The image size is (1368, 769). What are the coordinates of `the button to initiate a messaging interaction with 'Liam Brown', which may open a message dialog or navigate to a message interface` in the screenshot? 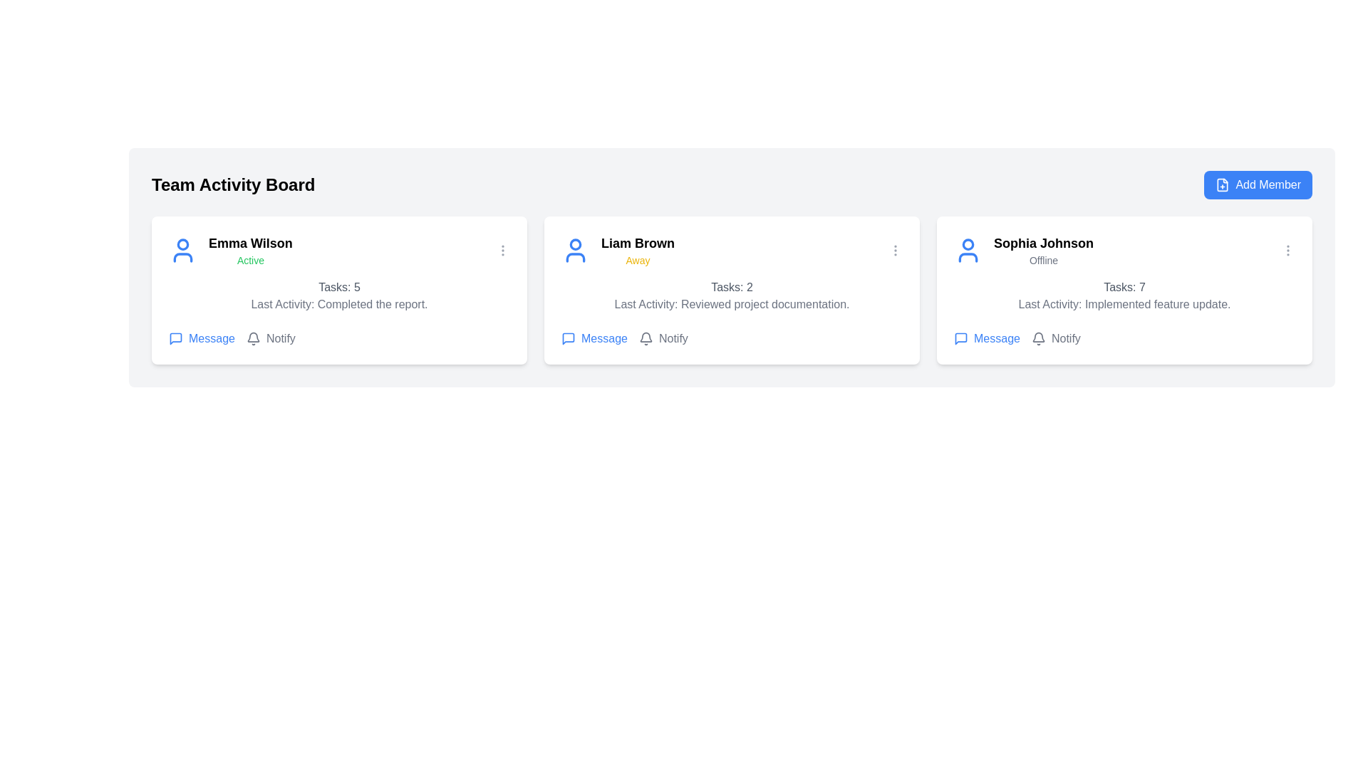 It's located at (594, 338).